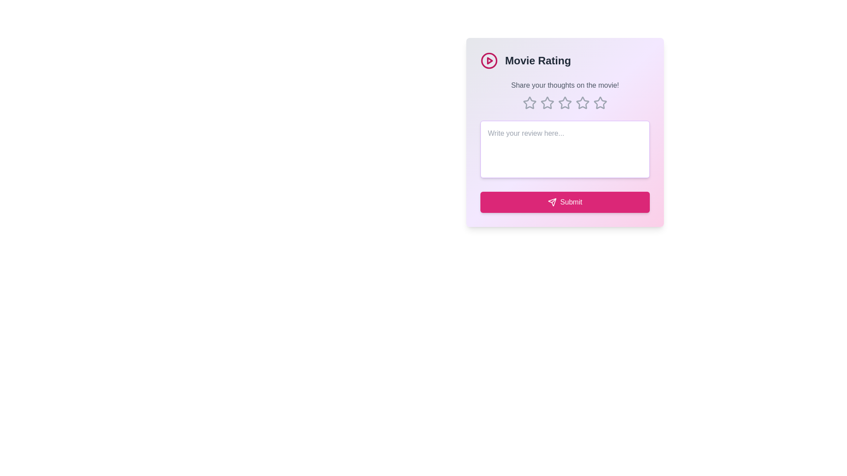  Describe the element at coordinates (565, 202) in the screenshot. I see `the 'Submit' button` at that location.